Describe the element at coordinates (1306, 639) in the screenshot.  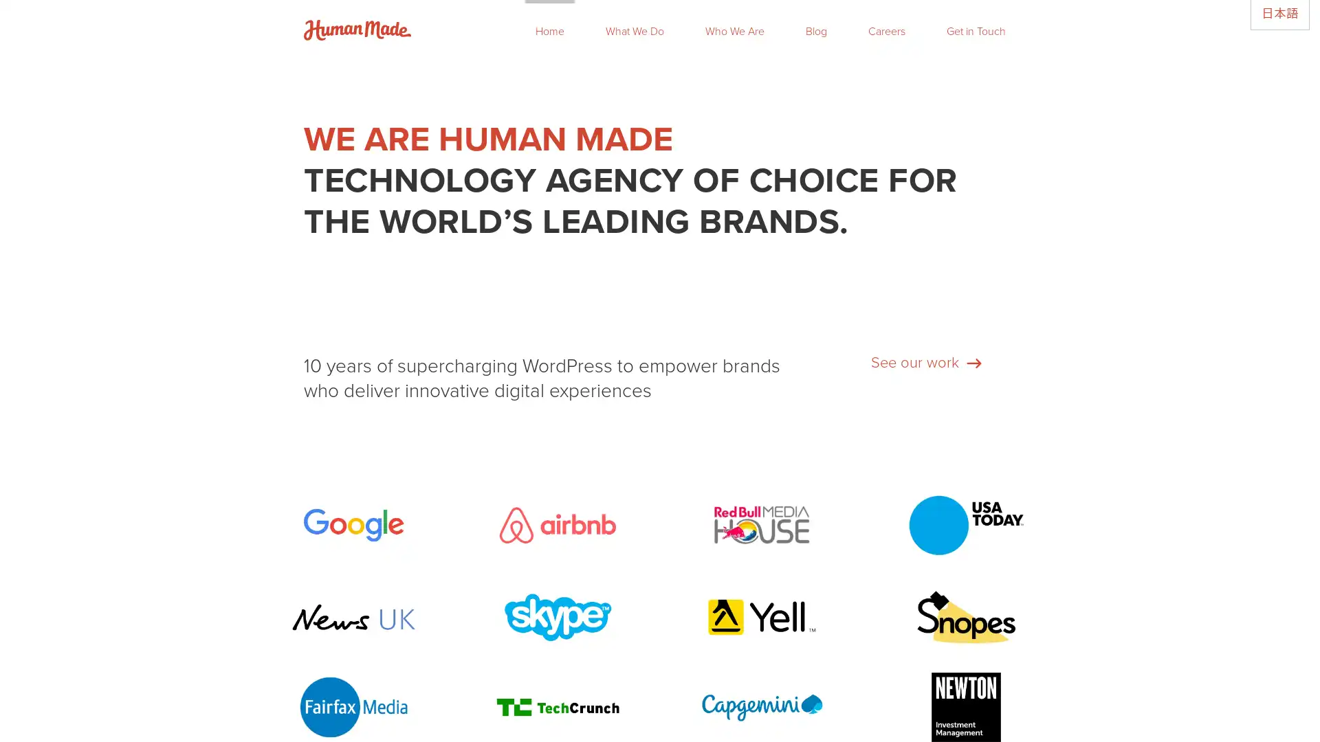
I see `Close` at that location.